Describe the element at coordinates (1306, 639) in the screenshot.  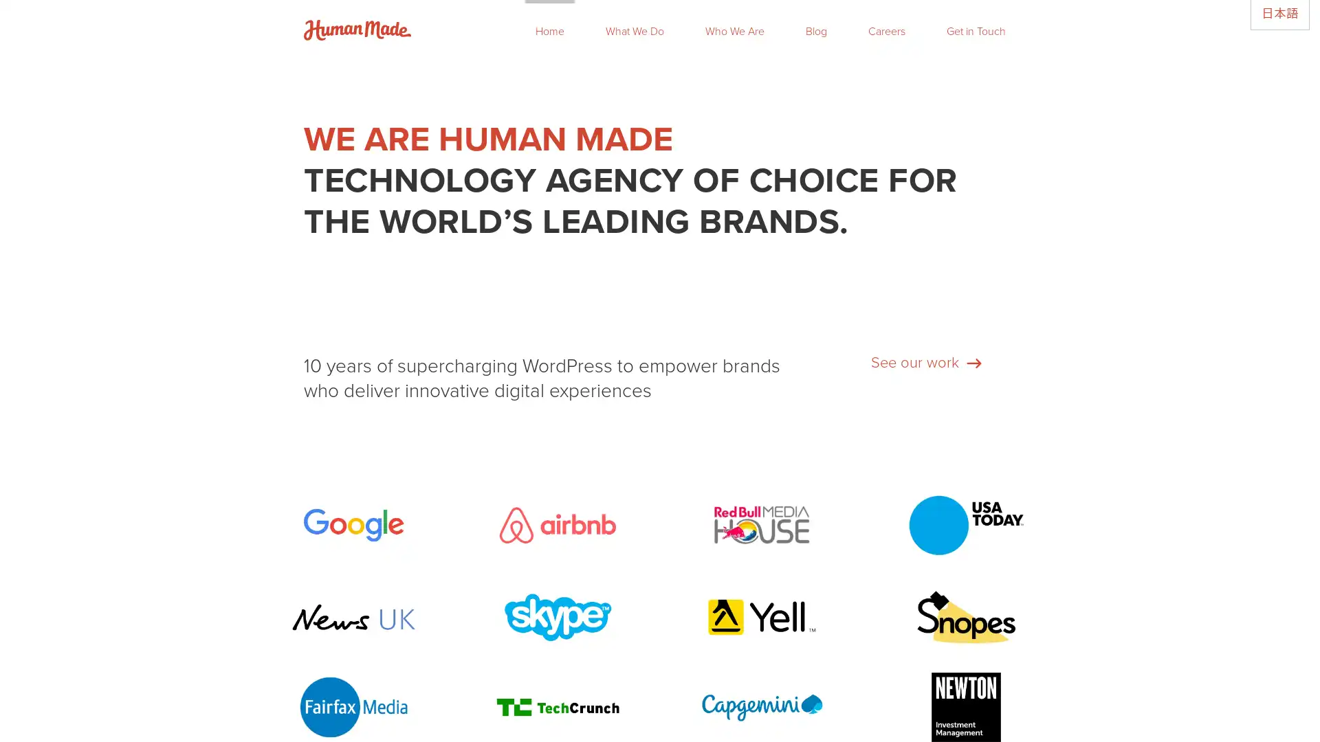
I see `Close` at that location.